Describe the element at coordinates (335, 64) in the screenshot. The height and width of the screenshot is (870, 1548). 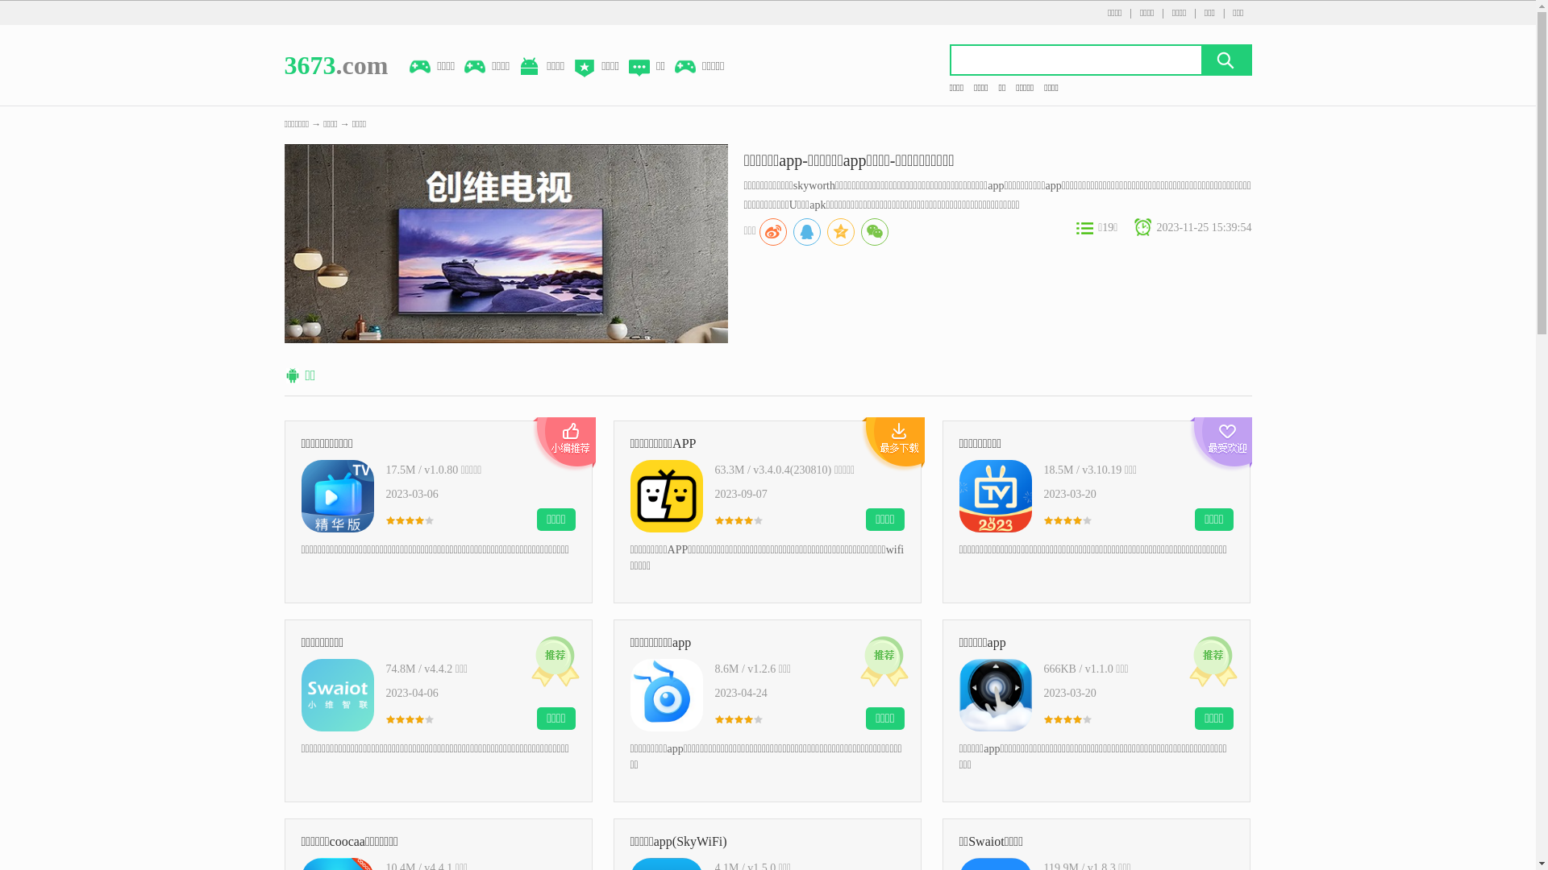
I see `'3673.com'` at that location.